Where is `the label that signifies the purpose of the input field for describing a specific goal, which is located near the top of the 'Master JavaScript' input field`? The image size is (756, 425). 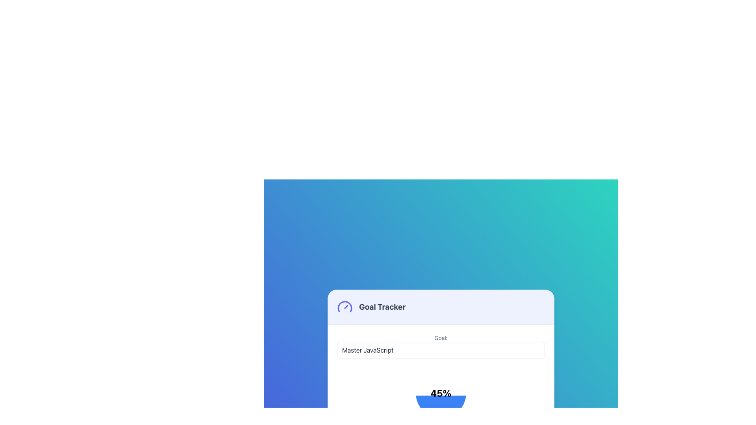 the label that signifies the purpose of the input field for describing a specific goal, which is located near the top of the 'Master JavaScript' input field is located at coordinates (440, 338).